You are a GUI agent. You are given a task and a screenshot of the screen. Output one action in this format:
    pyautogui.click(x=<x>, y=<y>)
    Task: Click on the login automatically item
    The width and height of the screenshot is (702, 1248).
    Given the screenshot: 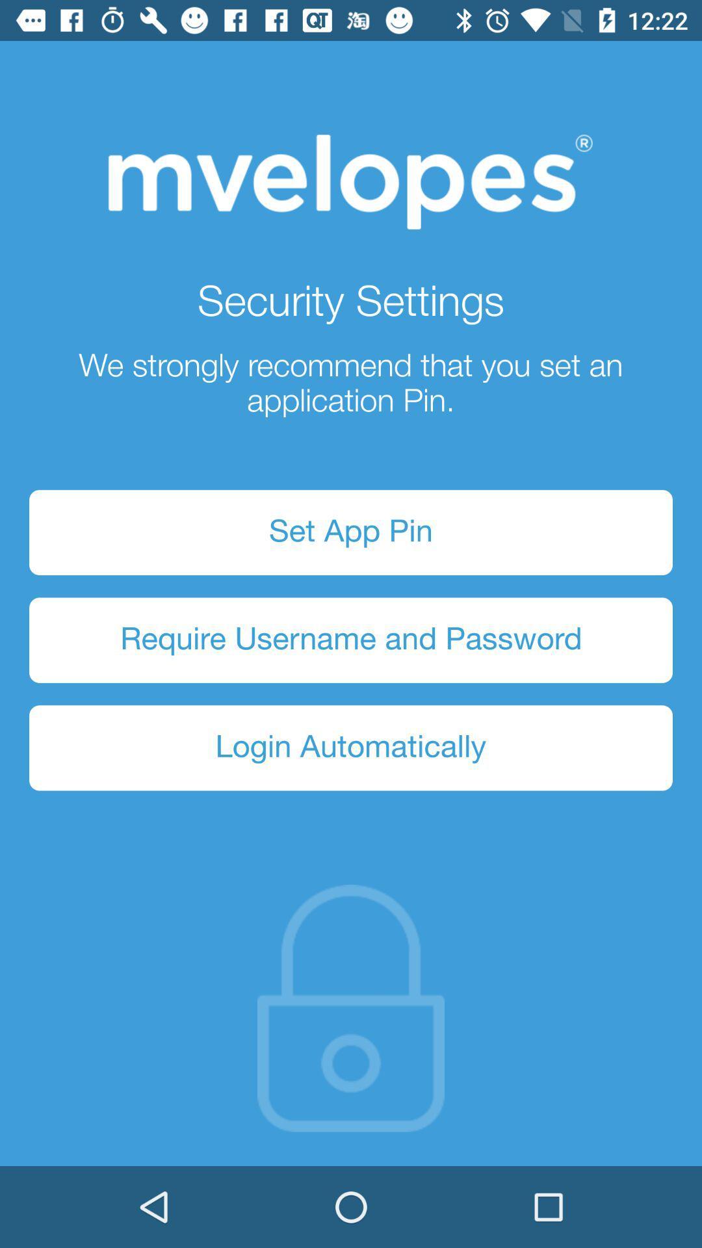 What is the action you would take?
    pyautogui.click(x=351, y=747)
    